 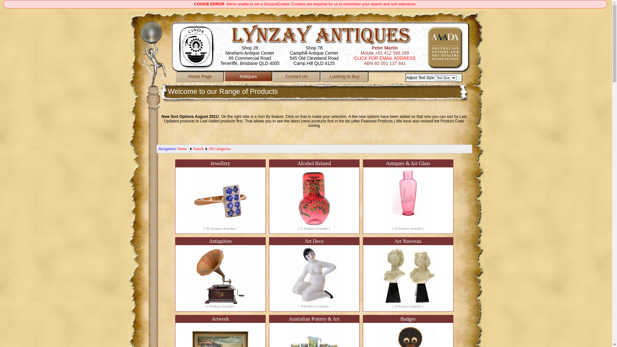 What do you see at coordinates (174, 274) in the screenshot?
I see `'Antiquities` at bounding box center [174, 274].